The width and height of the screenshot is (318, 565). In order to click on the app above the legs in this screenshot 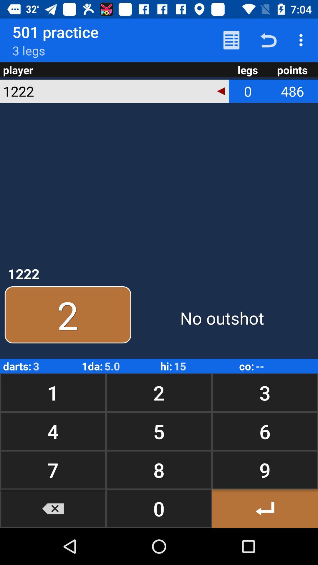, I will do `click(268, 40)`.